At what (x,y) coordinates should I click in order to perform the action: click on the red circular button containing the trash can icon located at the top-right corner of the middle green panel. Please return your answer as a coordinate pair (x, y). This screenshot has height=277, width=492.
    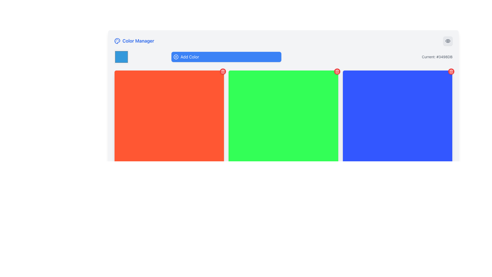
    Looking at the image, I should click on (223, 71).